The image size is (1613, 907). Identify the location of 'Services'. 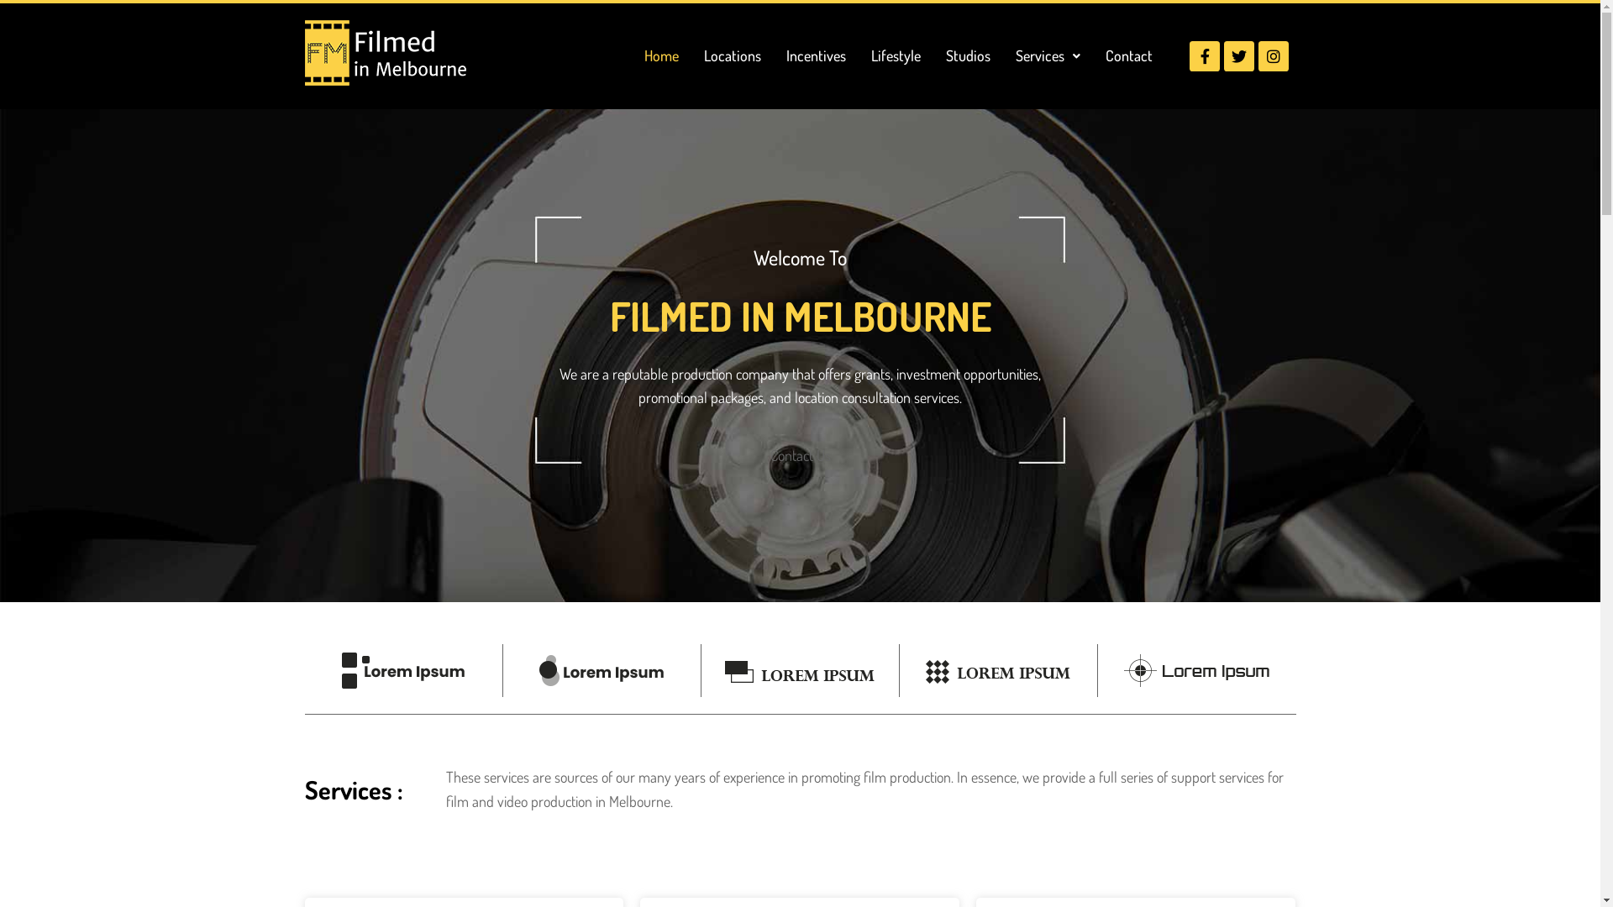
(1047, 55).